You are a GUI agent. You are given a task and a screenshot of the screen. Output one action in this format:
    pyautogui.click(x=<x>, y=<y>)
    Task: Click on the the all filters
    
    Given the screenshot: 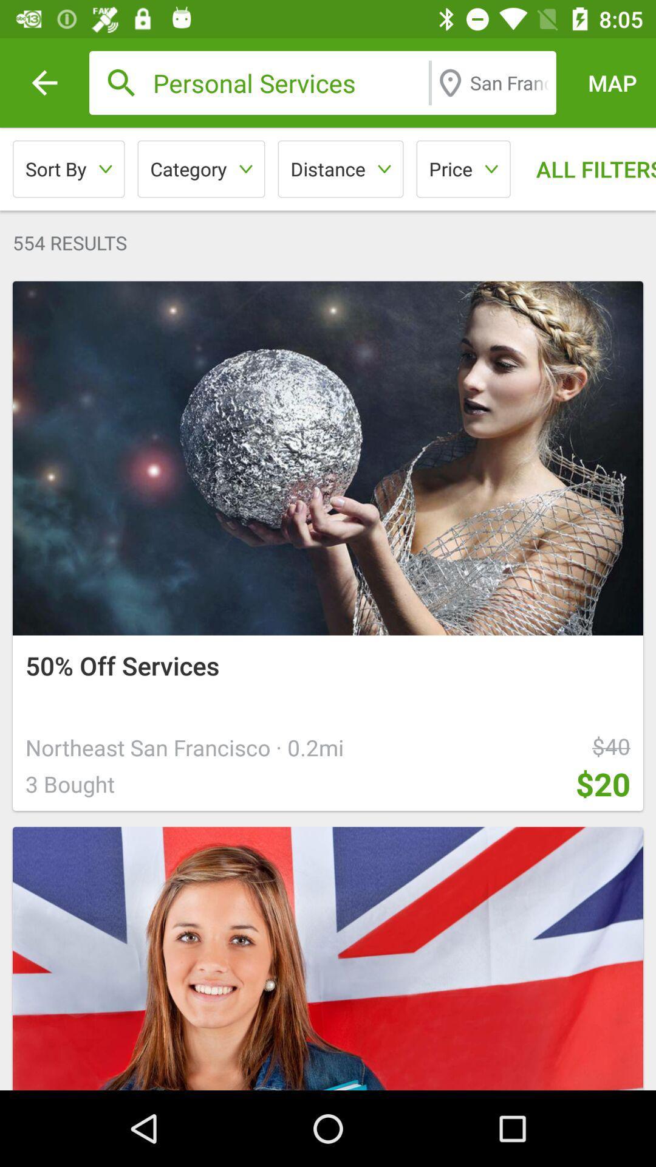 What is the action you would take?
    pyautogui.click(x=586, y=168)
    